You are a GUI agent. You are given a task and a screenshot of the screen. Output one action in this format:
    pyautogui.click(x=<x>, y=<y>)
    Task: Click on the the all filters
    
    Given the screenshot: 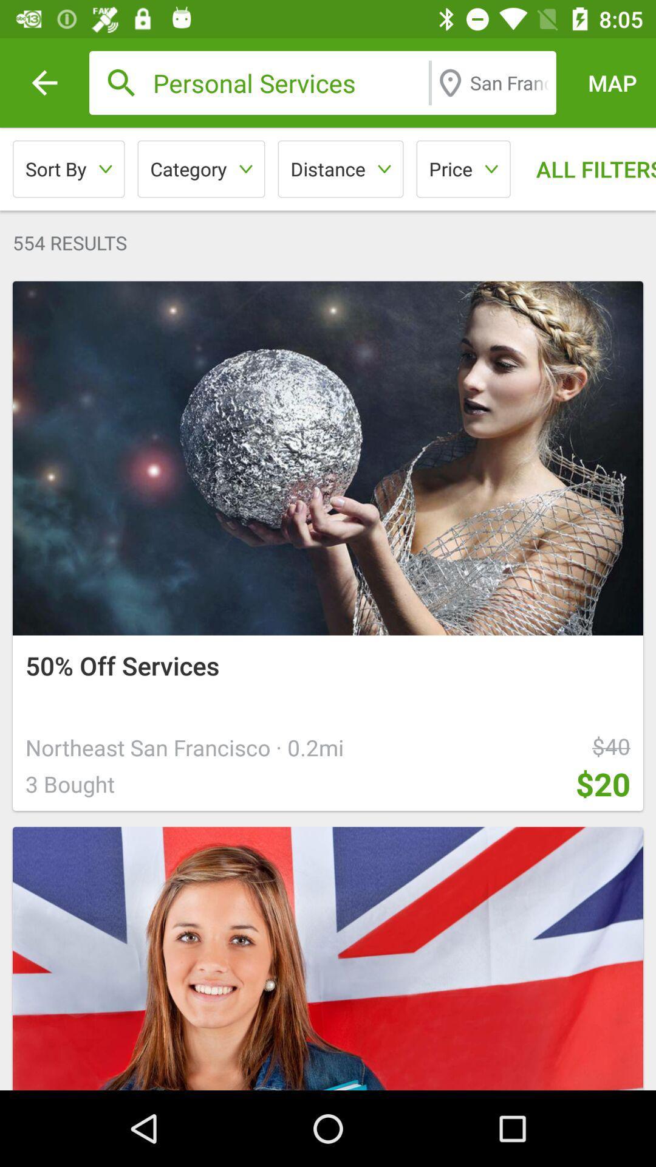 What is the action you would take?
    pyautogui.click(x=586, y=168)
    